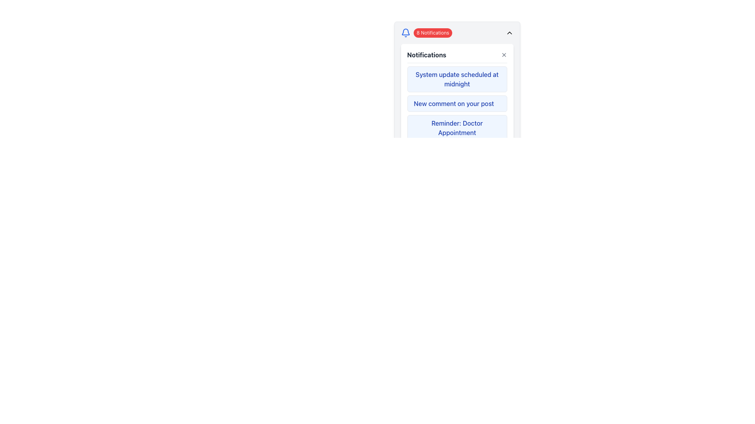 Image resolution: width=755 pixels, height=424 pixels. Describe the element at coordinates (457, 79) in the screenshot. I see `the notification message indicating an upcoming system update scheduled at midnight` at that location.